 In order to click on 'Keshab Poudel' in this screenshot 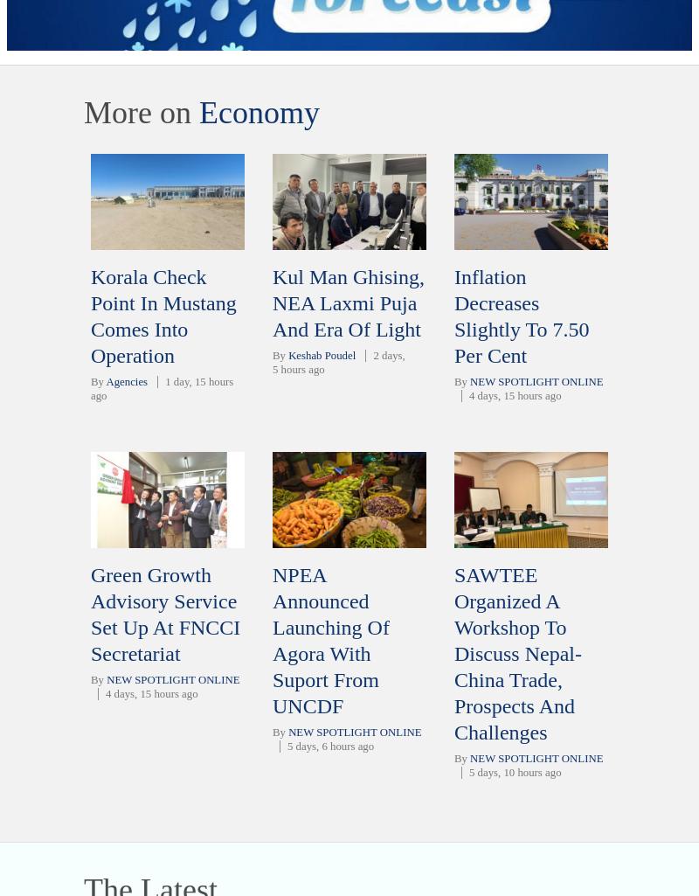, I will do `click(321, 356)`.